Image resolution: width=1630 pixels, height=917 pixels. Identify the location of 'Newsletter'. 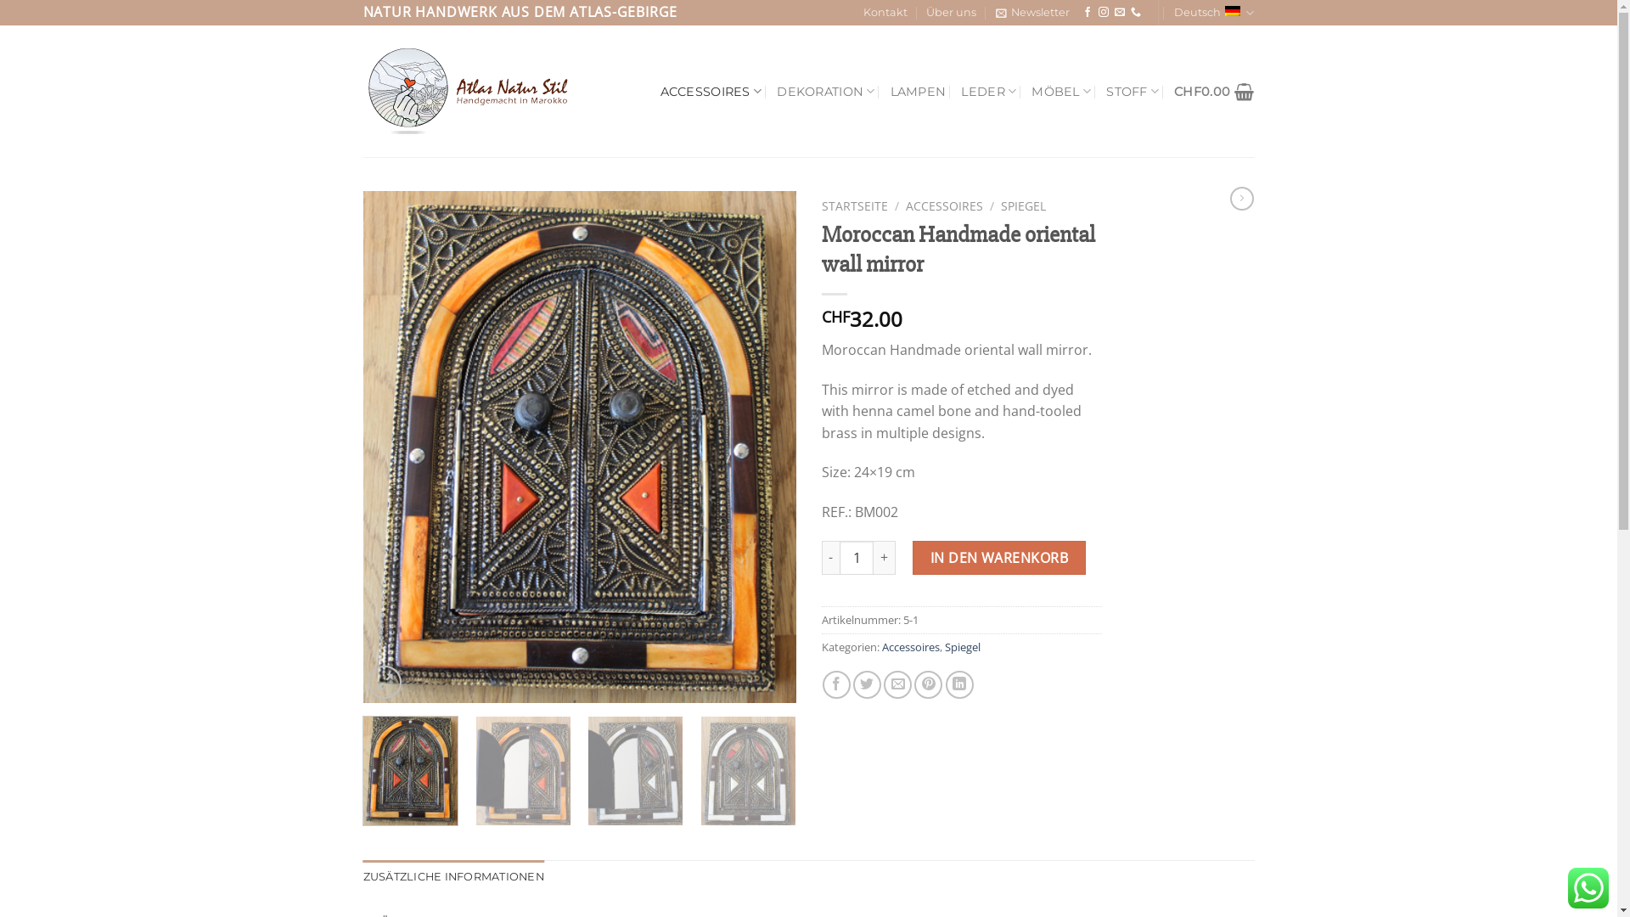
(1031, 13).